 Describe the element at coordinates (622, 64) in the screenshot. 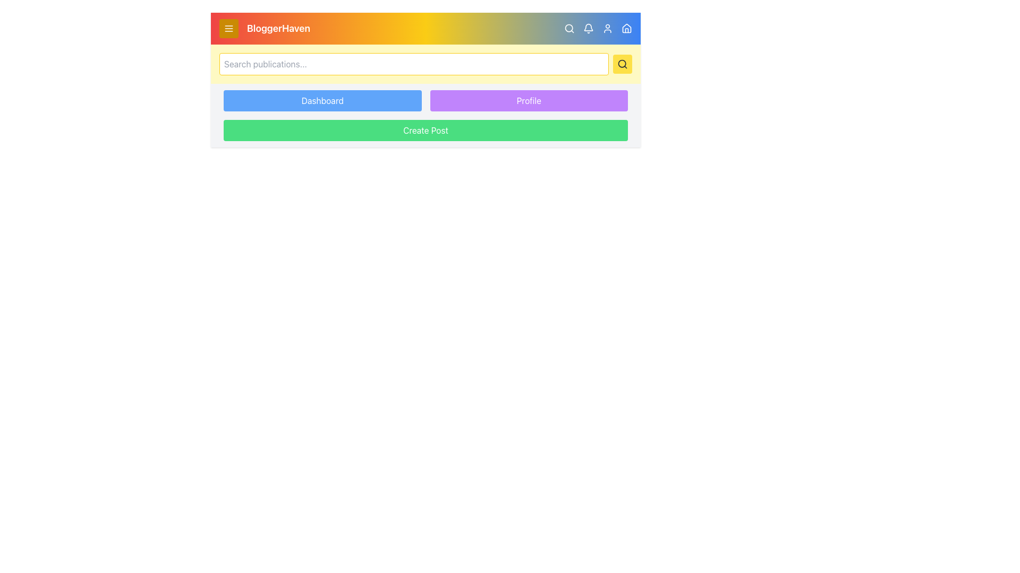

I see `the search button icon located on the right side of the yellow search bar to trigger the visual hover effect` at that location.